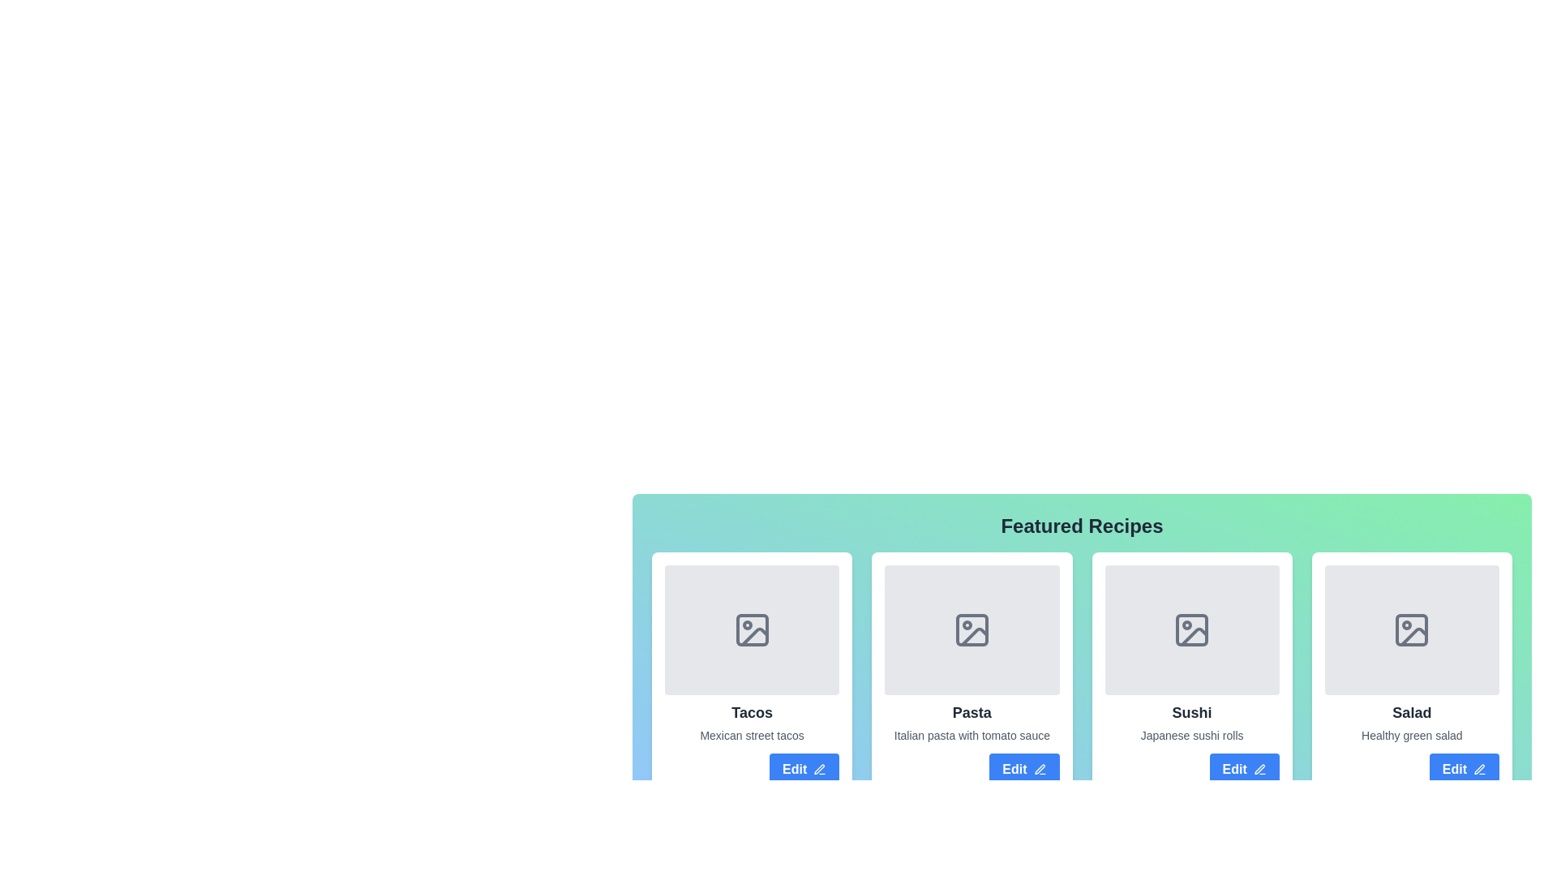  Describe the element at coordinates (972, 768) in the screenshot. I see `the button in the lower-right corner of the 'Pasta' recipe card to initiate editing of the recipe information` at that location.